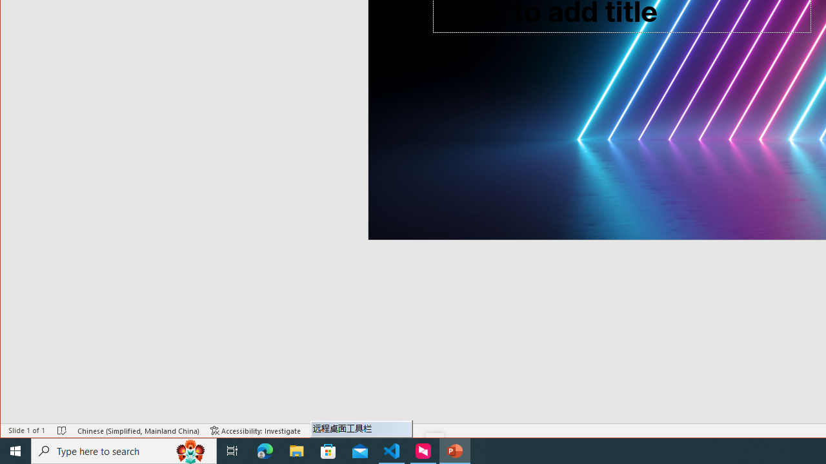 The image size is (826, 464). I want to click on 'File Explorer', so click(296, 450).